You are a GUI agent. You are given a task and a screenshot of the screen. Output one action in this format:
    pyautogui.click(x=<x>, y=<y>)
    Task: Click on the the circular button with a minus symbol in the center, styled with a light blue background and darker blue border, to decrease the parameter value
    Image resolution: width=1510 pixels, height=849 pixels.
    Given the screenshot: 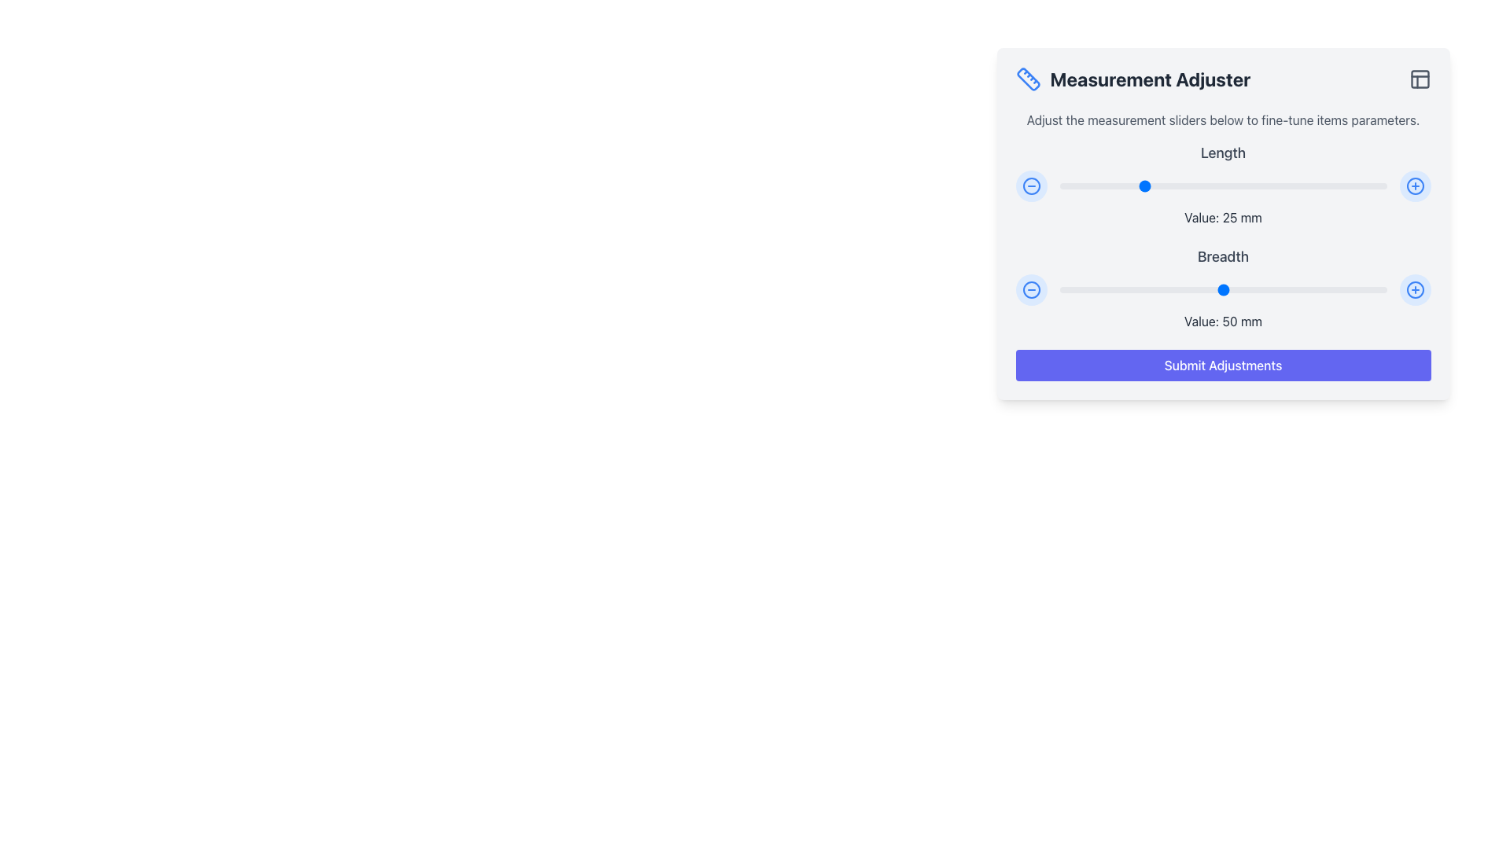 What is the action you would take?
    pyautogui.click(x=1031, y=185)
    